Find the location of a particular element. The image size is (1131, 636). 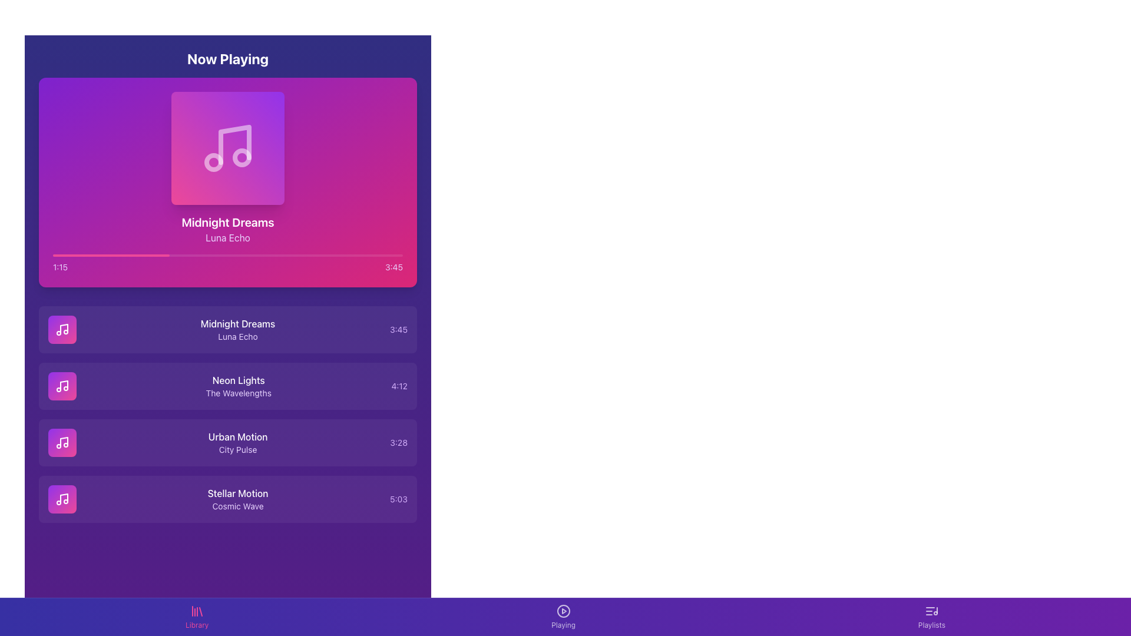

text 'Midnight Dreams' displayed in a large, bold font style, which is centered above the text 'Luna Echo' in the central part of the interface is located at coordinates (228, 223).